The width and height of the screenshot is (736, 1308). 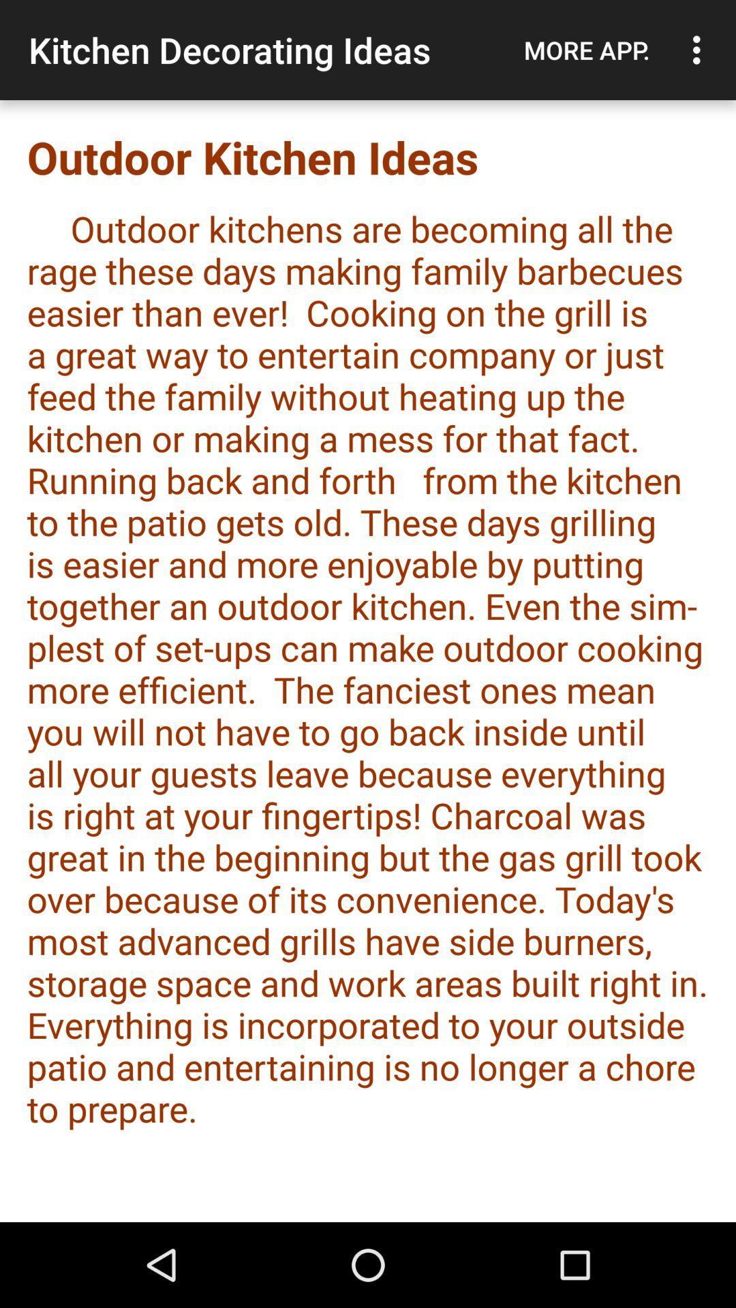 I want to click on the item above the outdoor kitchen ideas item, so click(x=586, y=50).